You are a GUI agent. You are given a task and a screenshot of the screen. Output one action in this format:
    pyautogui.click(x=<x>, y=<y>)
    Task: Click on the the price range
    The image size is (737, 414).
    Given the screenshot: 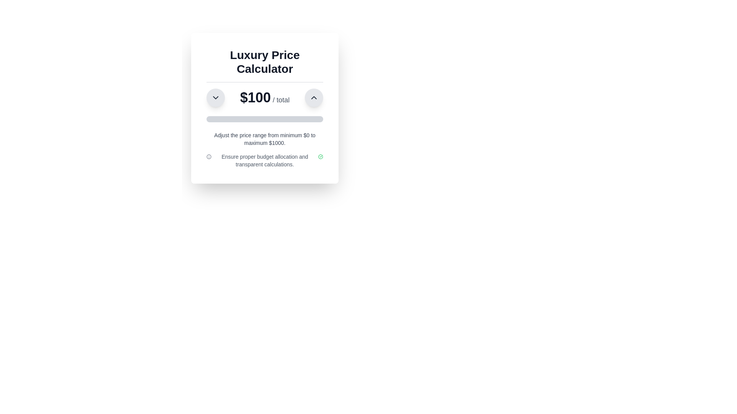 What is the action you would take?
    pyautogui.click(x=286, y=119)
    